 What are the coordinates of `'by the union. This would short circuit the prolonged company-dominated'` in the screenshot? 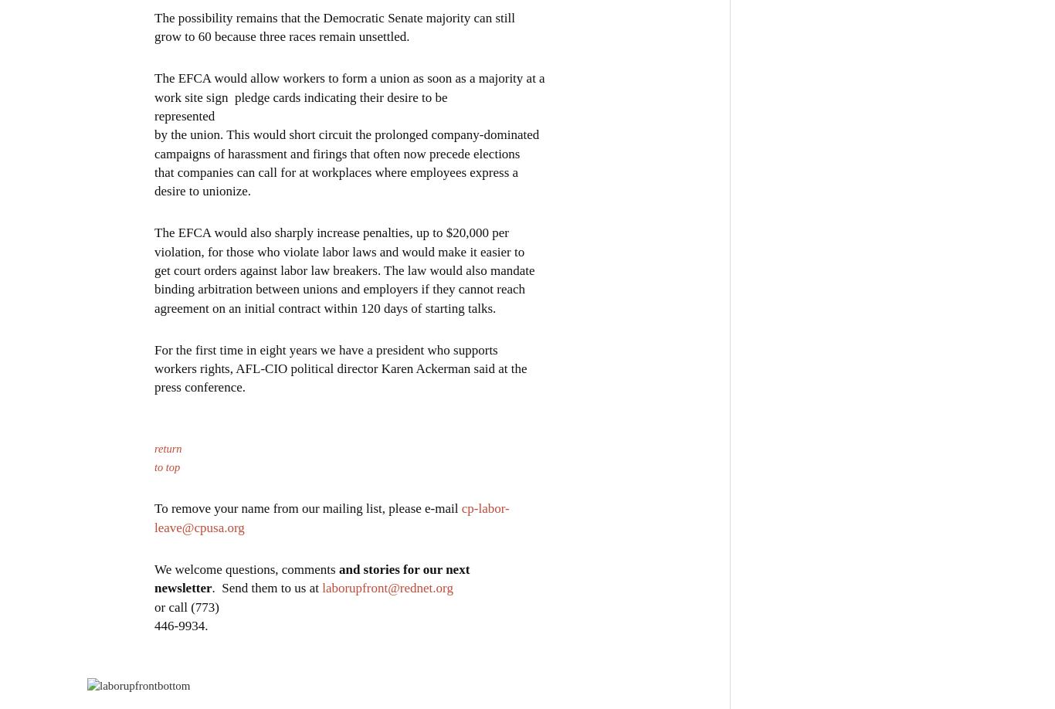 It's located at (346, 134).